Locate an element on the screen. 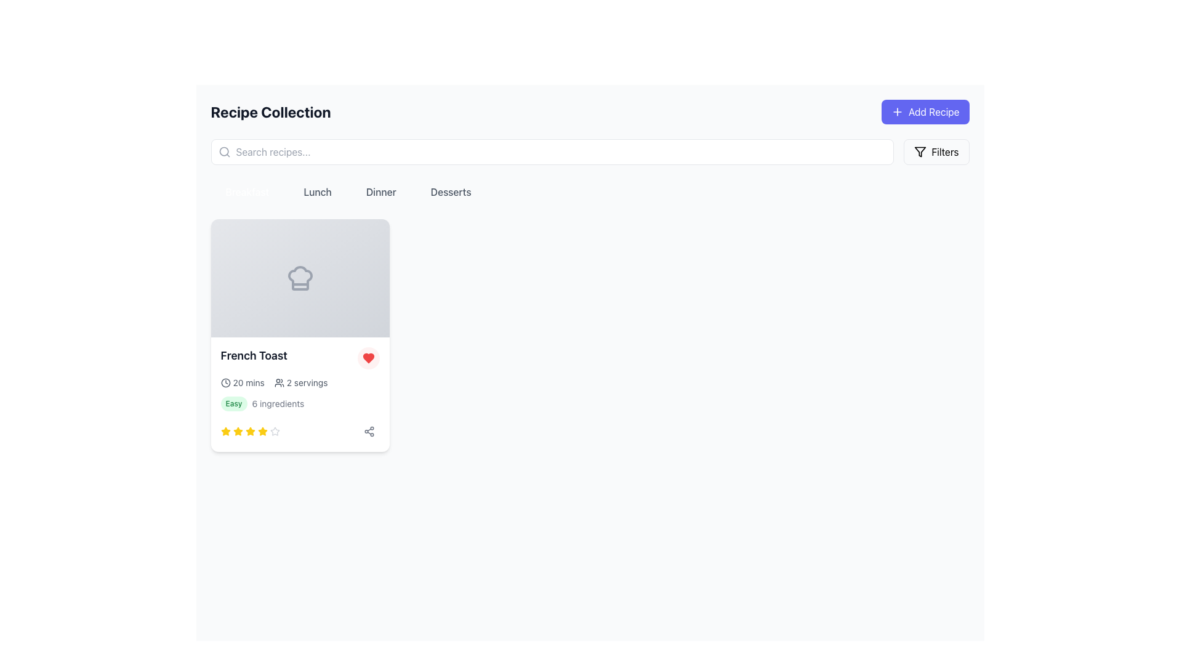 The height and width of the screenshot is (665, 1182). the 'Desserts' button, which is the fourth button in a horizontal row of category buttons is located at coordinates (450, 192).